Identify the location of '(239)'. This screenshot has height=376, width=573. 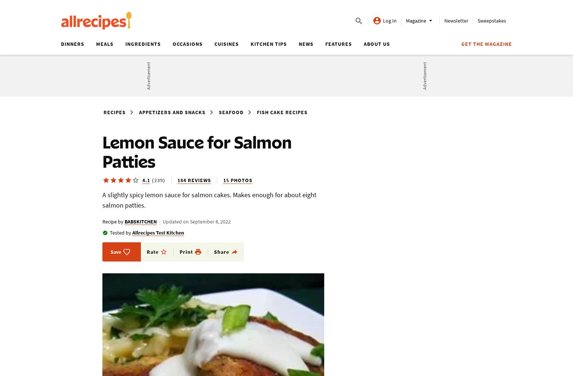
(158, 180).